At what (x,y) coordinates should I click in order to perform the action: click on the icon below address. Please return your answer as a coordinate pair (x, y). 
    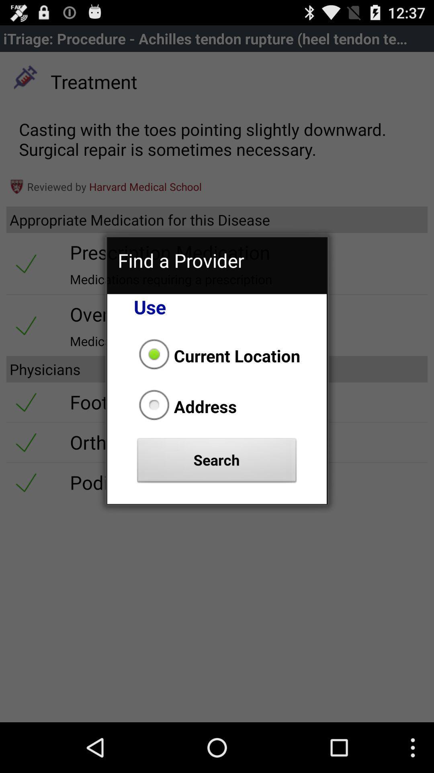
    Looking at the image, I should click on (217, 462).